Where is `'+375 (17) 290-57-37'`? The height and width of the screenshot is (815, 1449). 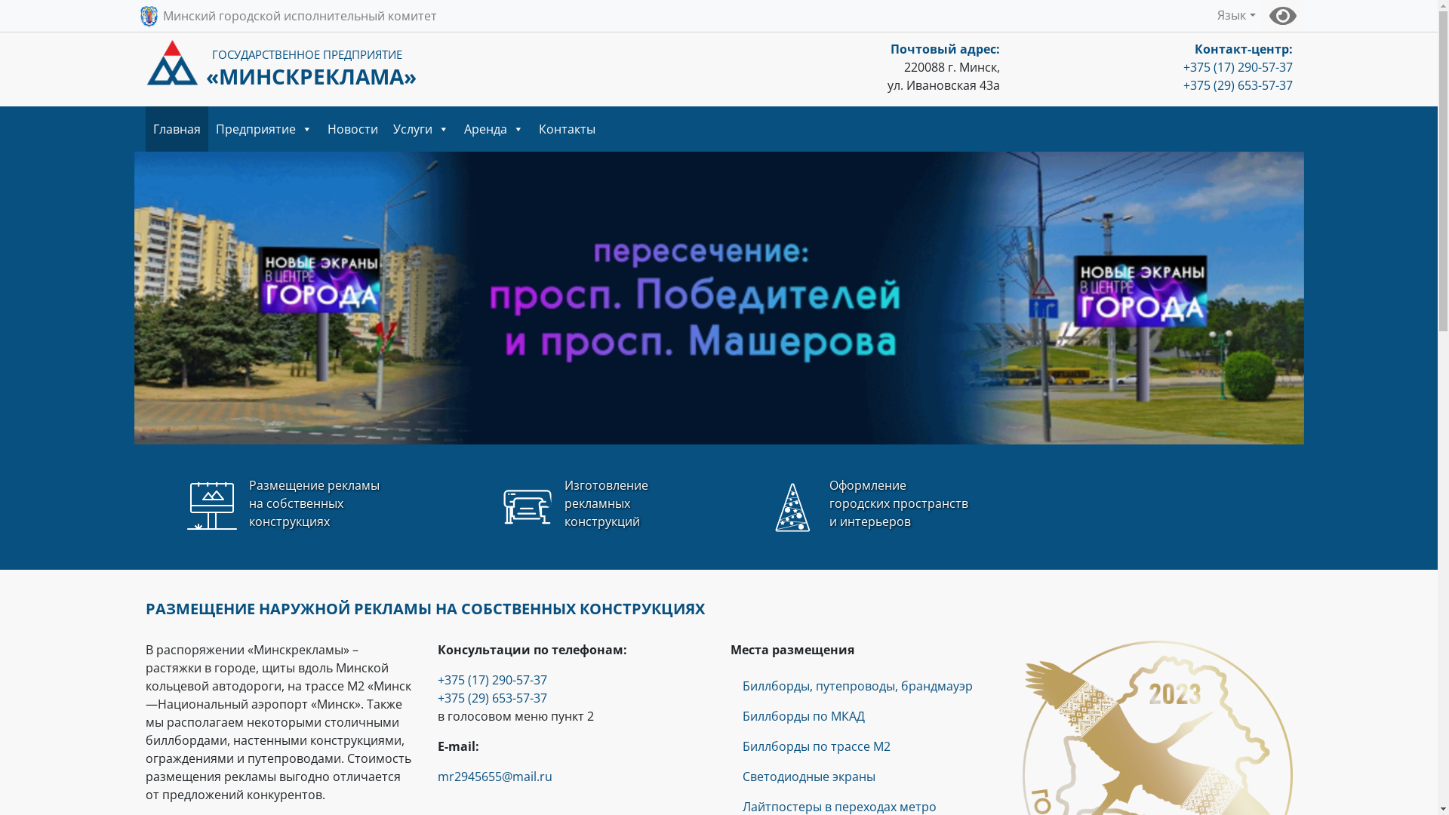
'+375 (17) 290-57-37' is located at coordinates (1238, 66).